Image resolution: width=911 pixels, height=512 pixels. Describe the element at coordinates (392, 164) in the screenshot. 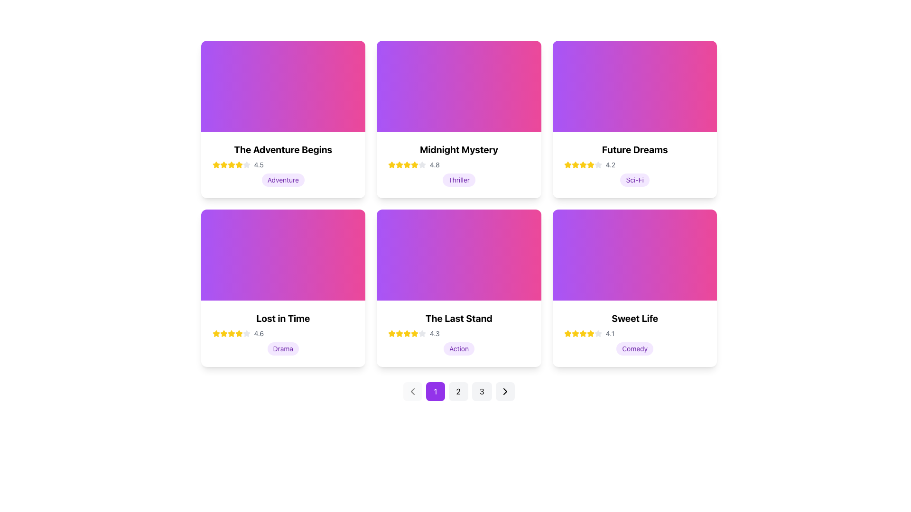

I see `the yellow star icon used for rating systems on the 'Midnight Mystery' card, which is the second star from the left in the first row of cards` at that location.